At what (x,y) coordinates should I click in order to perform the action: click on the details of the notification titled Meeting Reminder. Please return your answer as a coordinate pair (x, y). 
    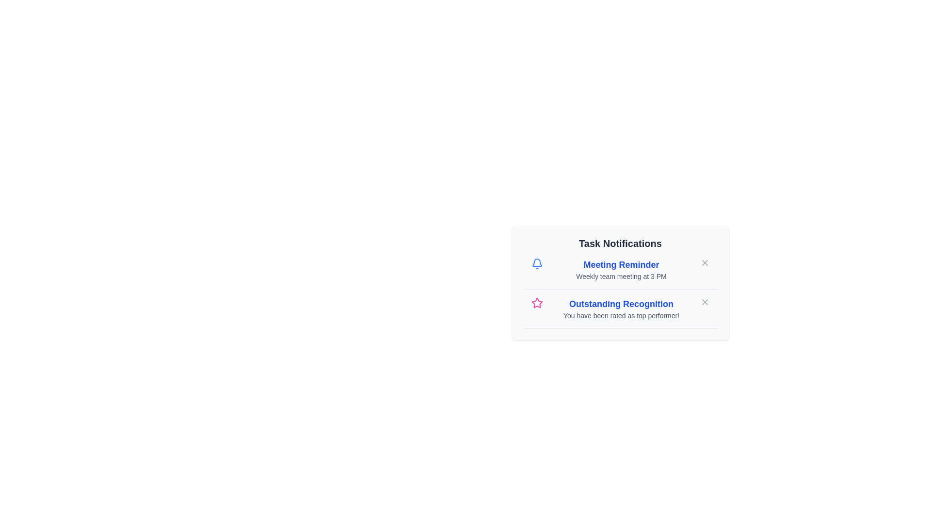
    Looking at the image, I should click on (621, 265).